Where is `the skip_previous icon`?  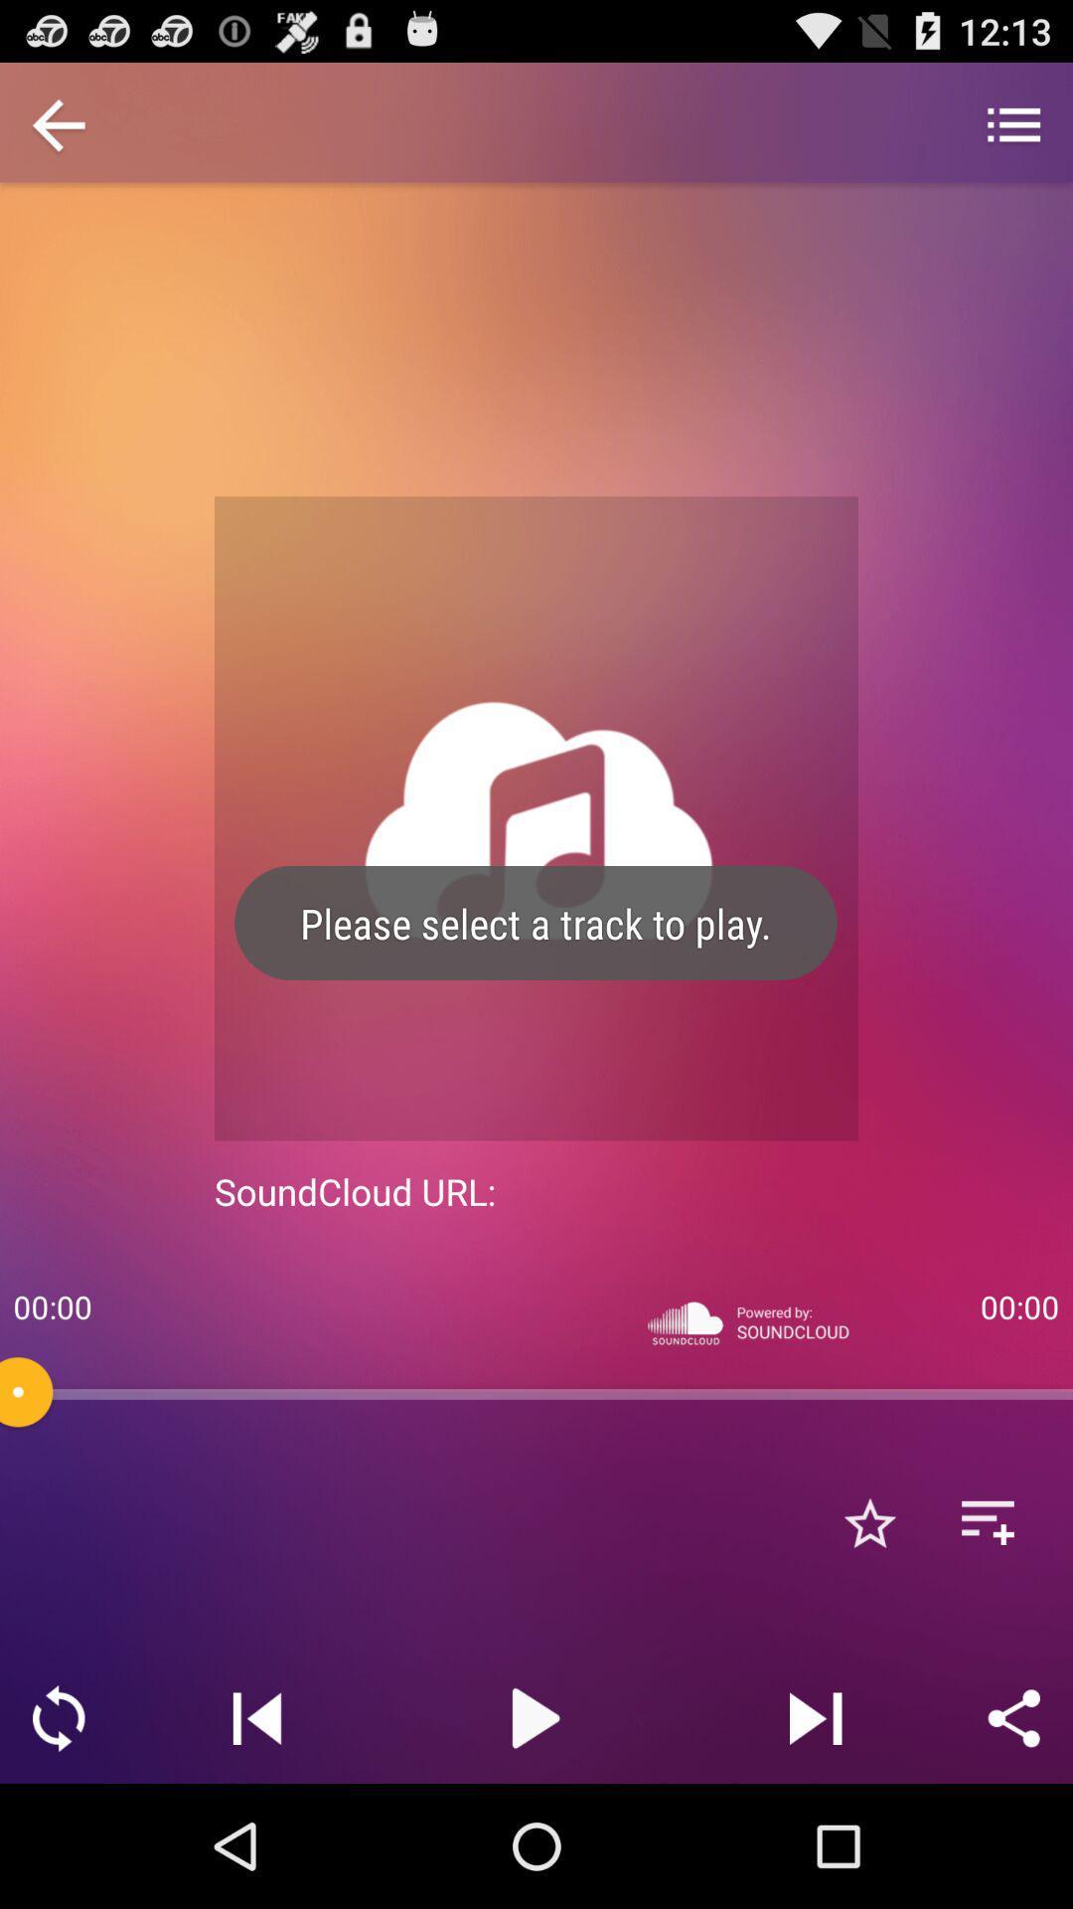
the skip_previous icon is located at coordinates (256, 1837).